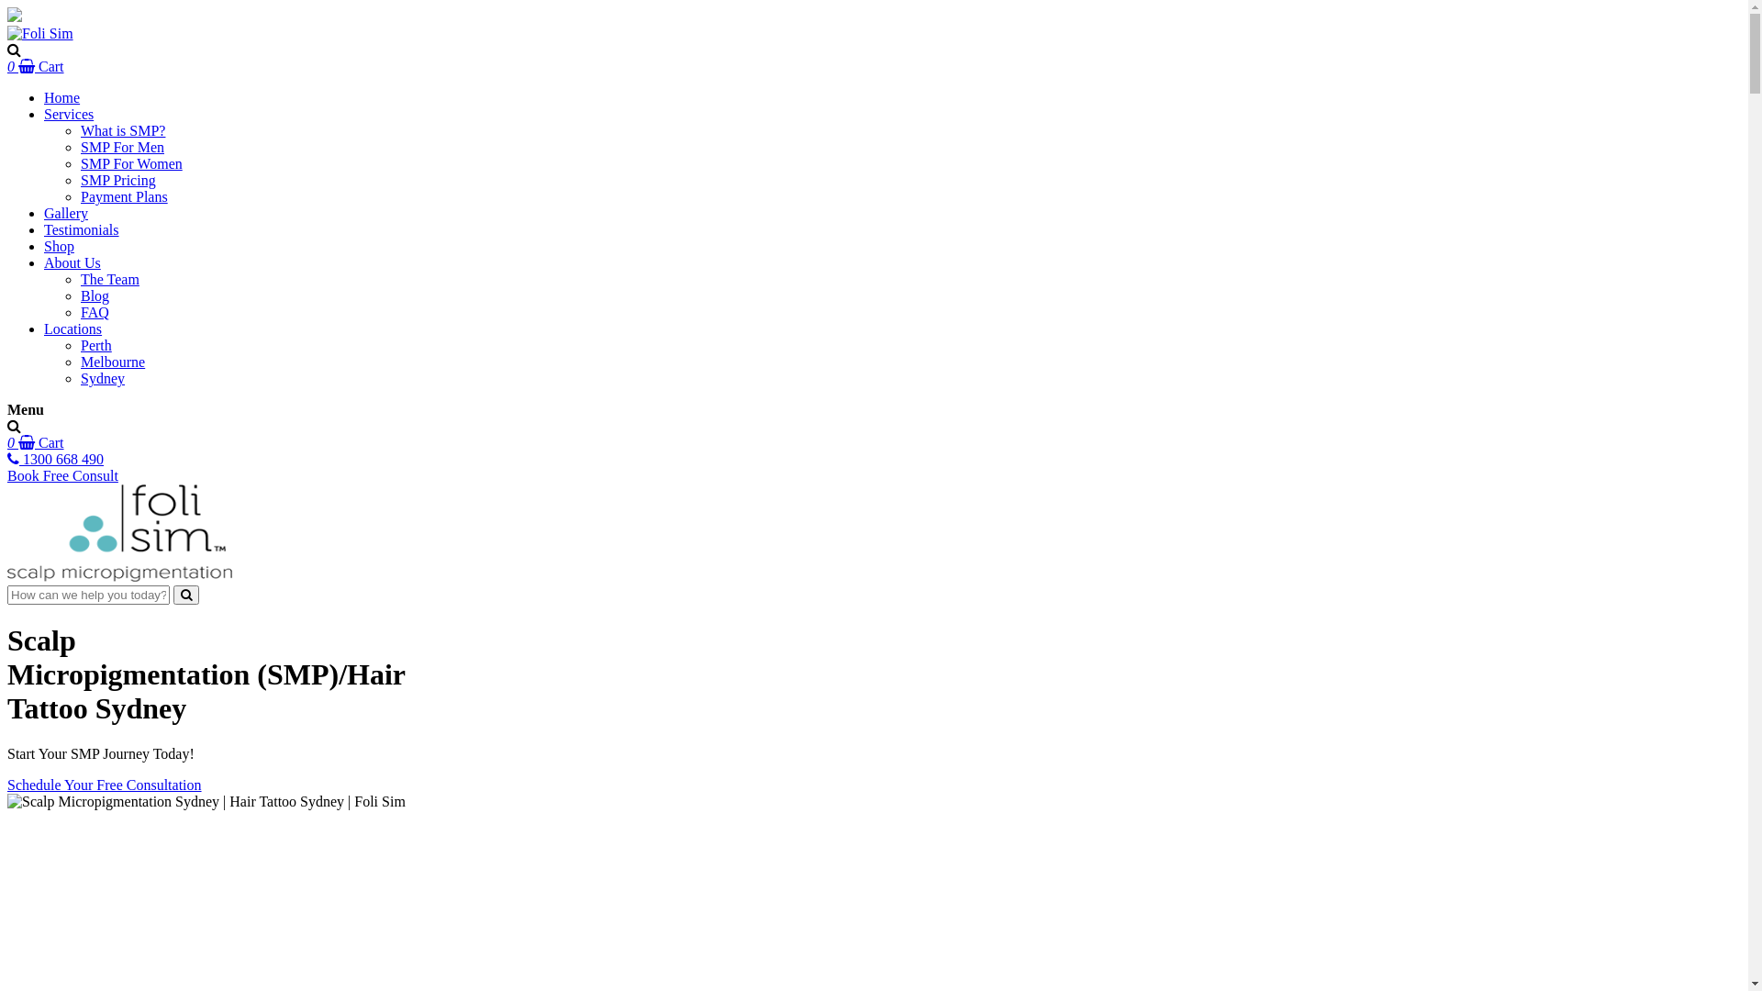  Describe the element at coordinates (44, 328) in the screenshot. I see `'Locations'` at that location.